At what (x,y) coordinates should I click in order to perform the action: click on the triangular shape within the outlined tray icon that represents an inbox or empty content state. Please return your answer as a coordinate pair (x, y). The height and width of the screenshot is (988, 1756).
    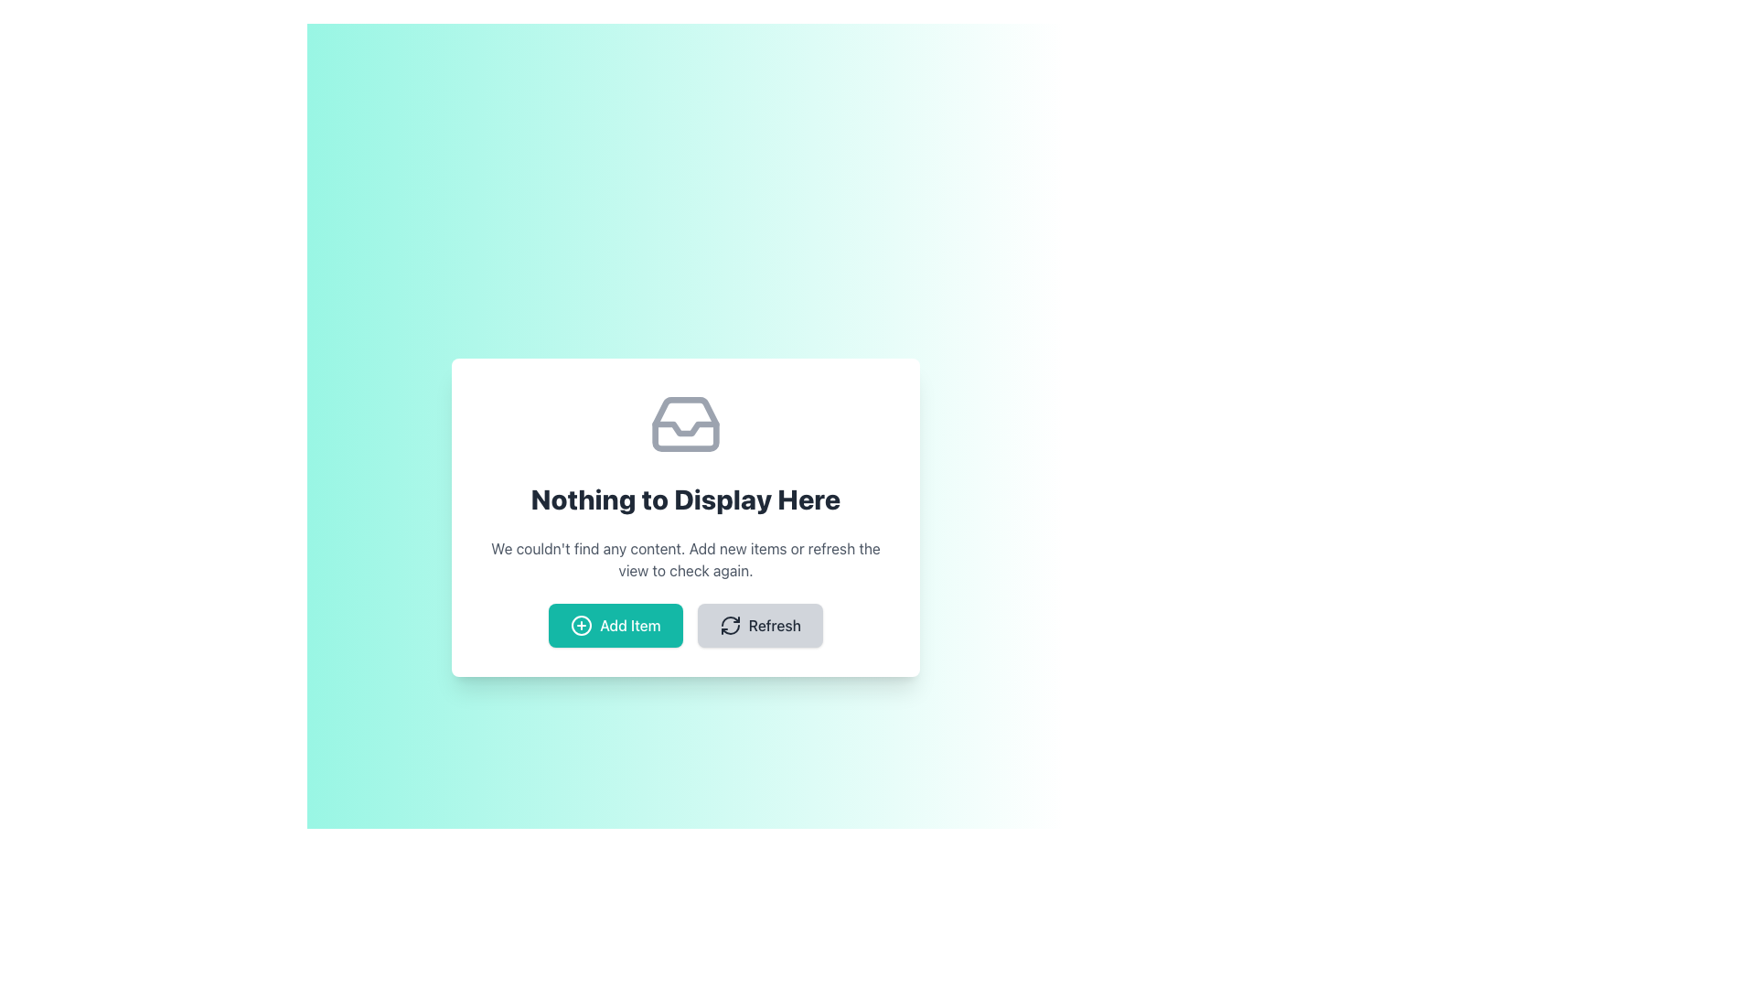
    Looking at the image, I should click on (684, 429).